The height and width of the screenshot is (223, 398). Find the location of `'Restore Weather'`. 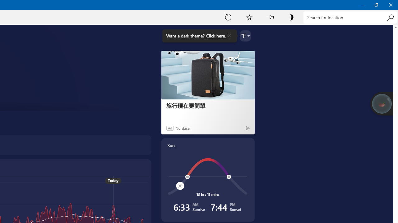

'Restore Weather' is located at coordinates (376, 5).